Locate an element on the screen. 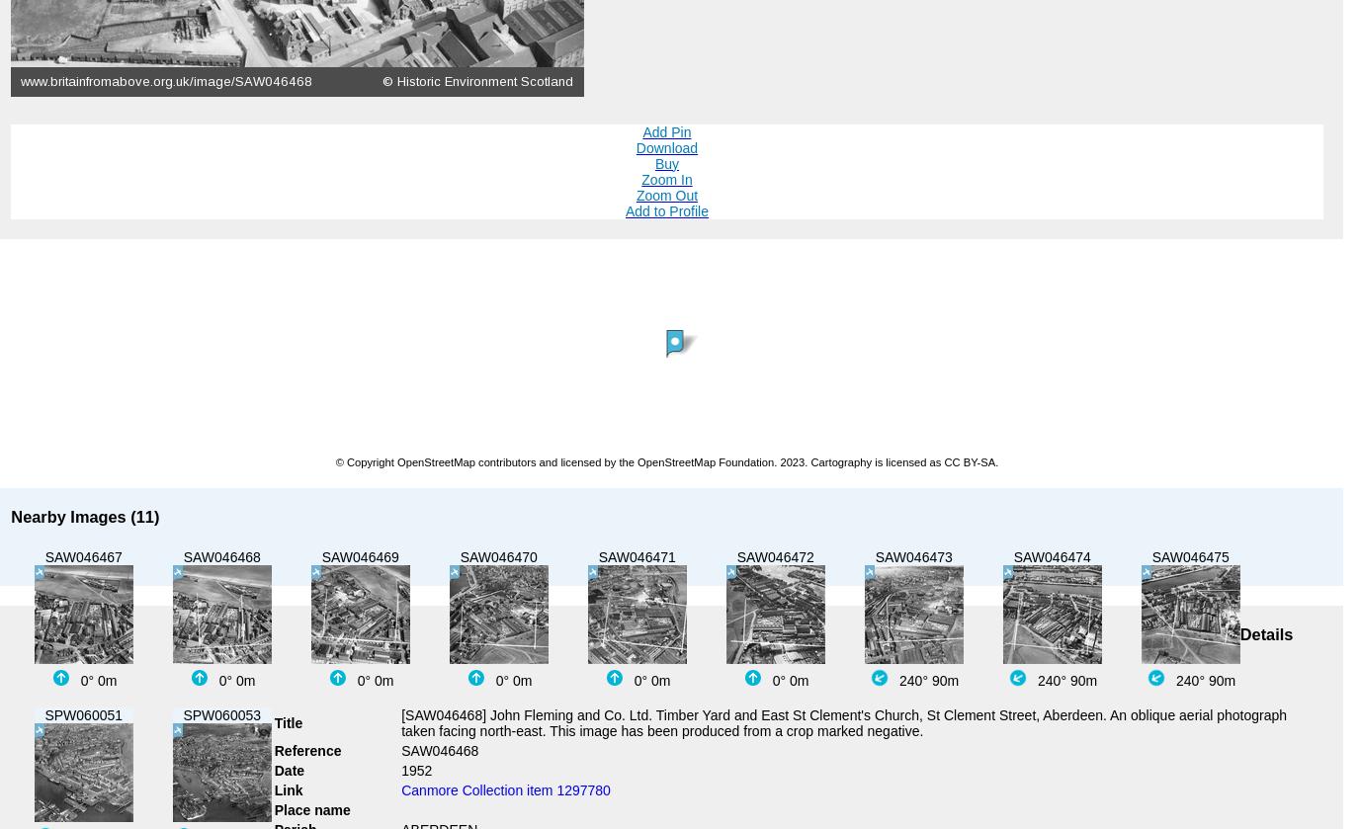 This screenshot has height=829, width=1360. 'SAW046468' is located at coordinates (438, 748).